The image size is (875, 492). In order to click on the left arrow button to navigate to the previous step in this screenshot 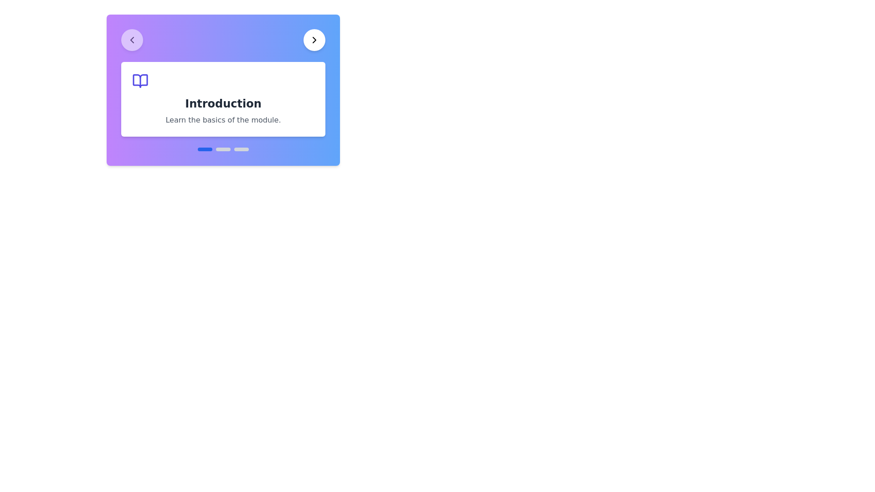, I will do `click(131, 40)`.